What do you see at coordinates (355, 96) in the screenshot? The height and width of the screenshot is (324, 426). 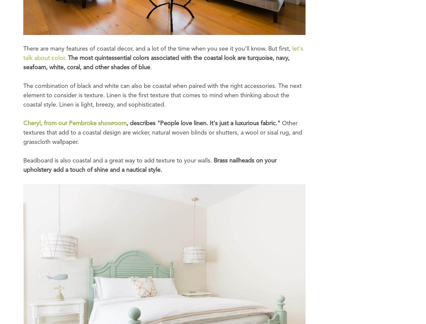 I see `'Boston - Seaport: 617-865-6400'` at bounding box center [355, 96].